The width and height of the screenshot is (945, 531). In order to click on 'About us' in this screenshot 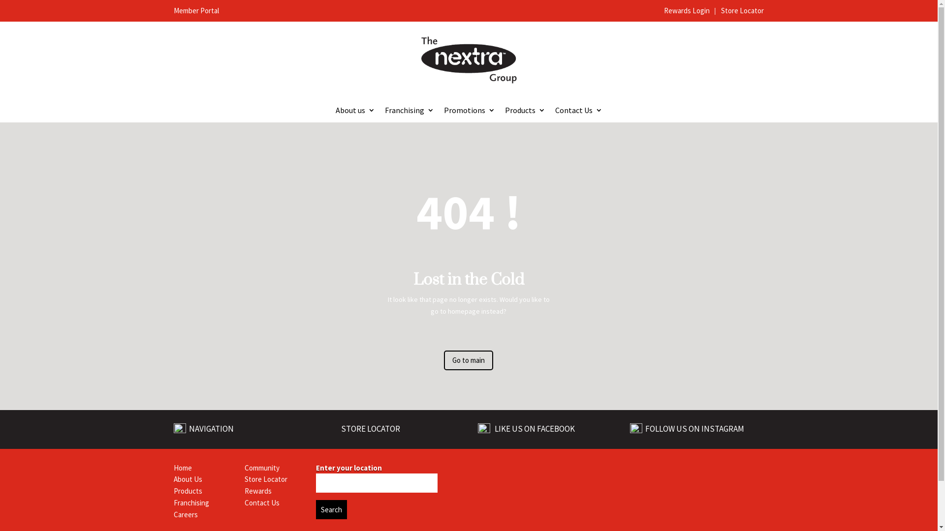, I will do `click(354, 111)`.